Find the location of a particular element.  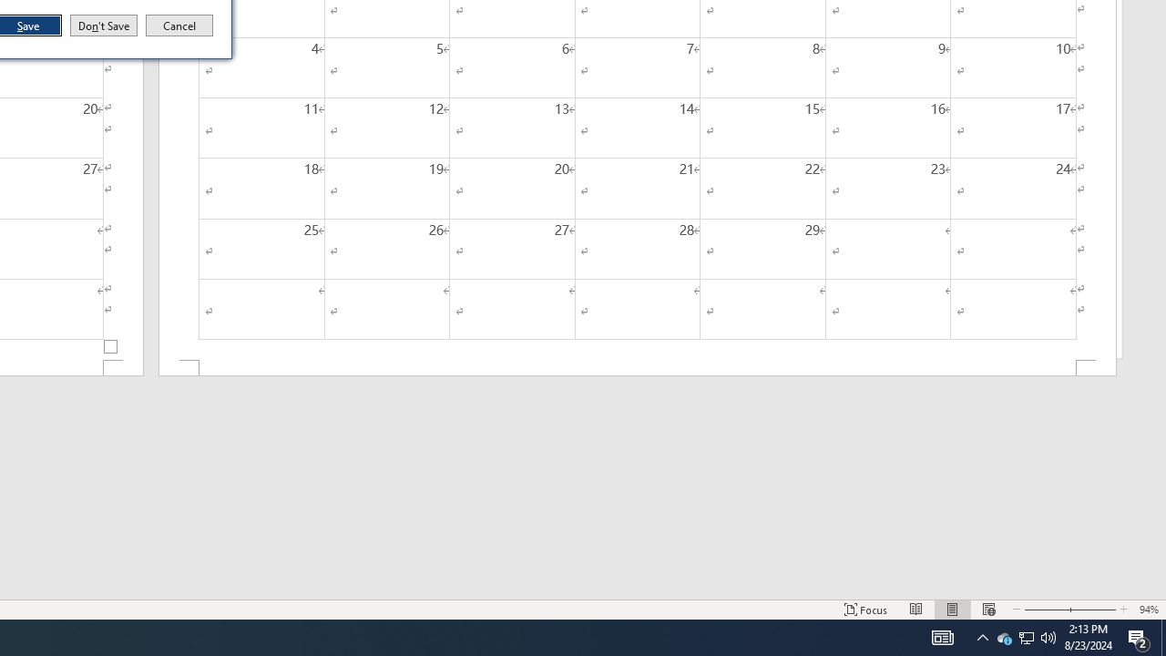

'Show desktop' is located at coordinates (1162, 636).